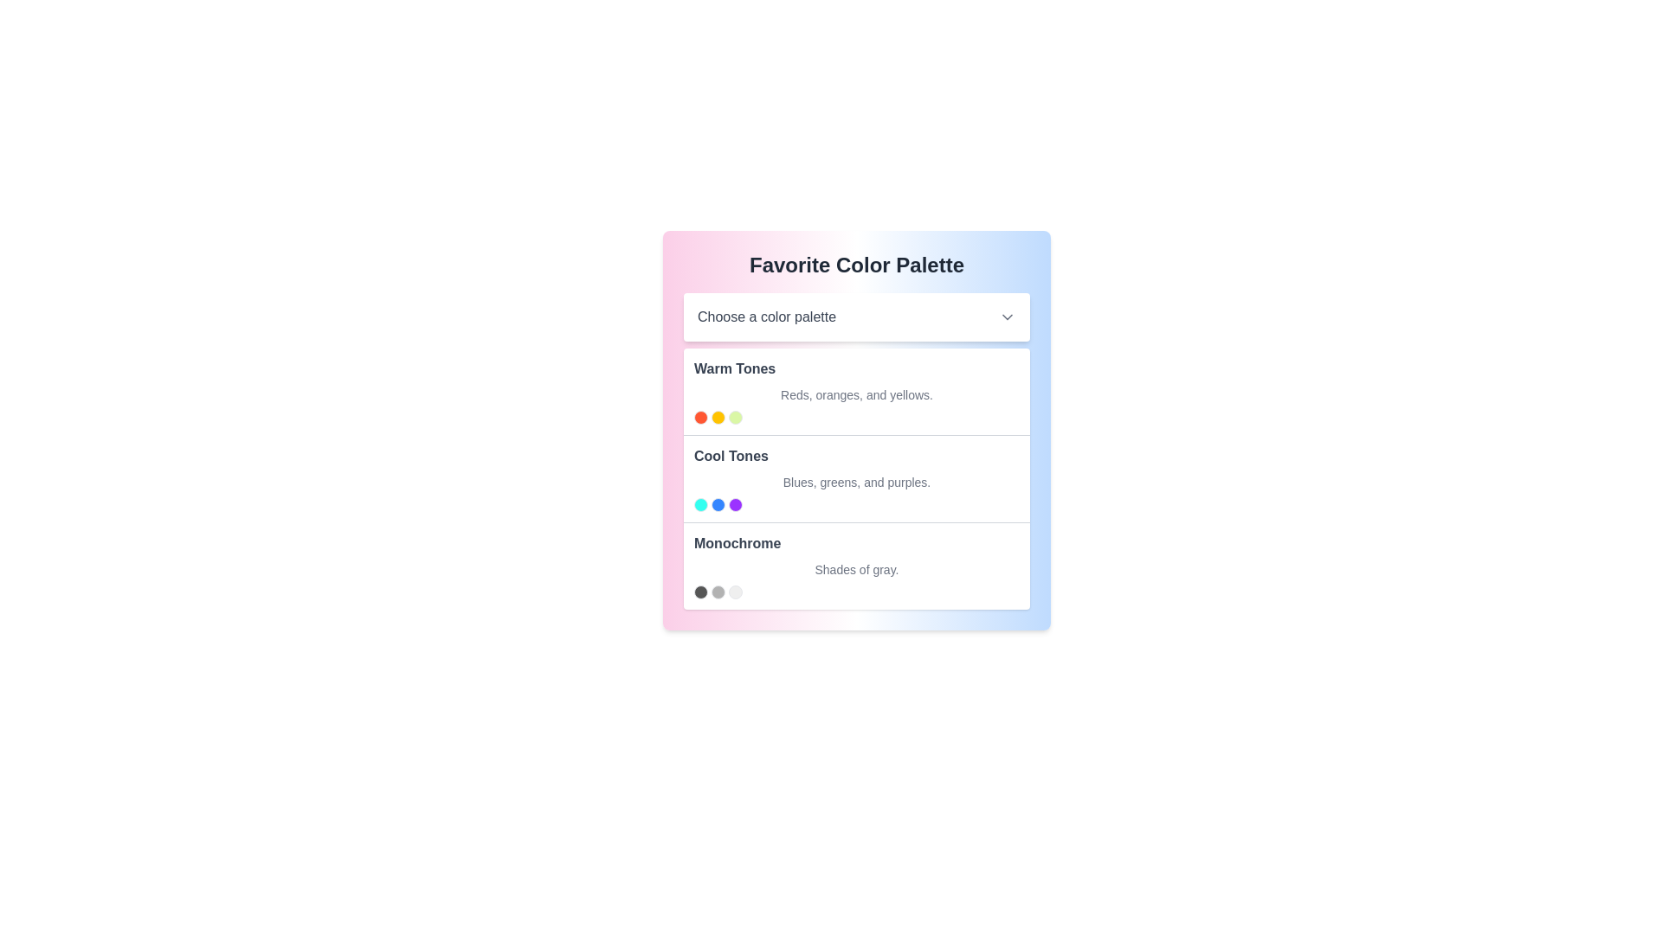 This screenshot has width=1662, height=934. What do you see at coordinates (856, 483) in the screenshot?
I see `the text label that reads 'Blues, greens, and purples.' which is styled with small gray text located in the 'Cool Tones' section, positioned beneath the section title` at bounding box center [856, 483].